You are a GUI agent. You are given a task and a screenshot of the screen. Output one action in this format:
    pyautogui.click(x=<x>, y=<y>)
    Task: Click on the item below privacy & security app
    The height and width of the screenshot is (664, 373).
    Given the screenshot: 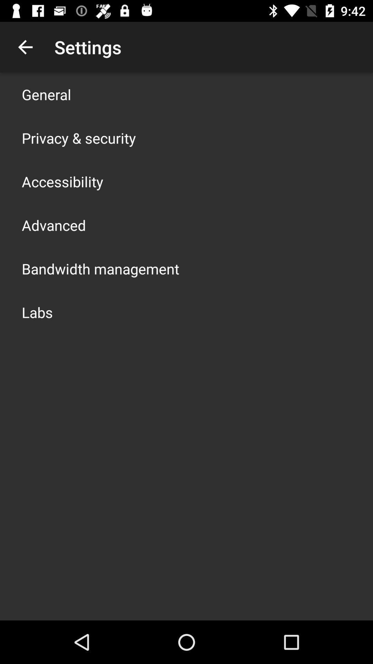 What is the action you would take?
    pyautogui.click(x=63, y=181)
    